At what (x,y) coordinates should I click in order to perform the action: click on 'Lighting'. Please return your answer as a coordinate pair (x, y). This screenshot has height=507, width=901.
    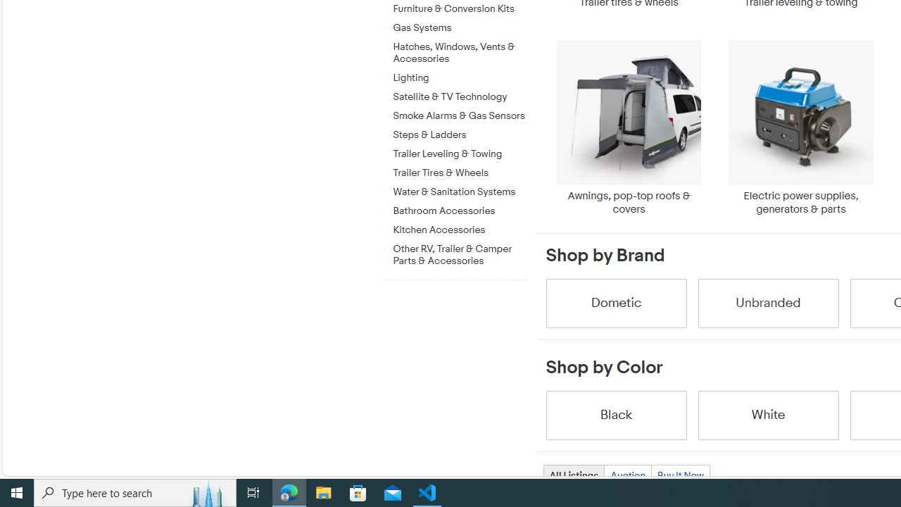
    Looking at the image, I should click on (460, 78).